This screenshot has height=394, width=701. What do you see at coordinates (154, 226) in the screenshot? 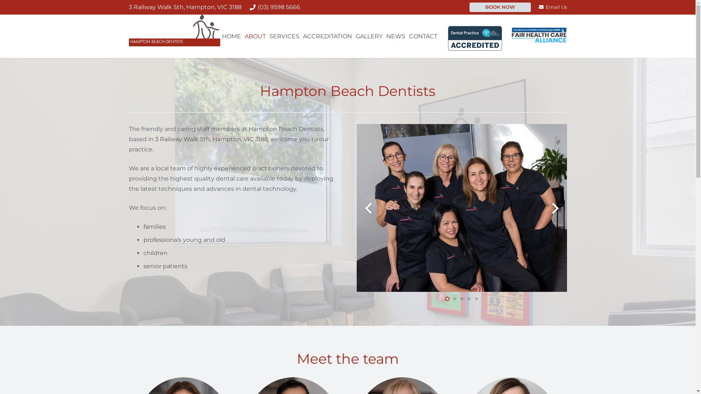
I see `'families'` at bounding box center [154, 226].